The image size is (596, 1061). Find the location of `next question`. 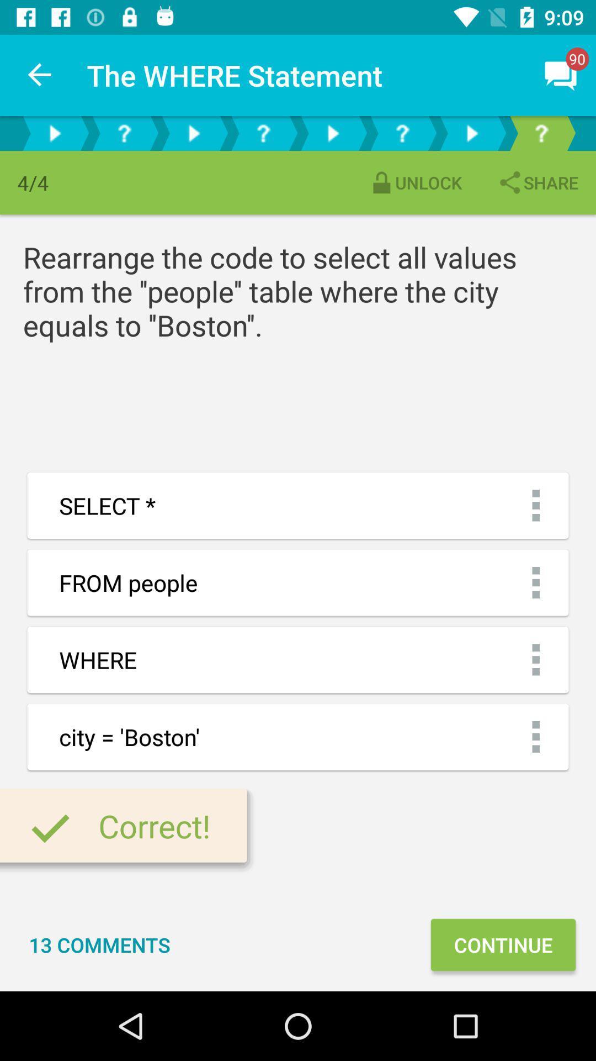

next question is located at coordinates (193, 133).